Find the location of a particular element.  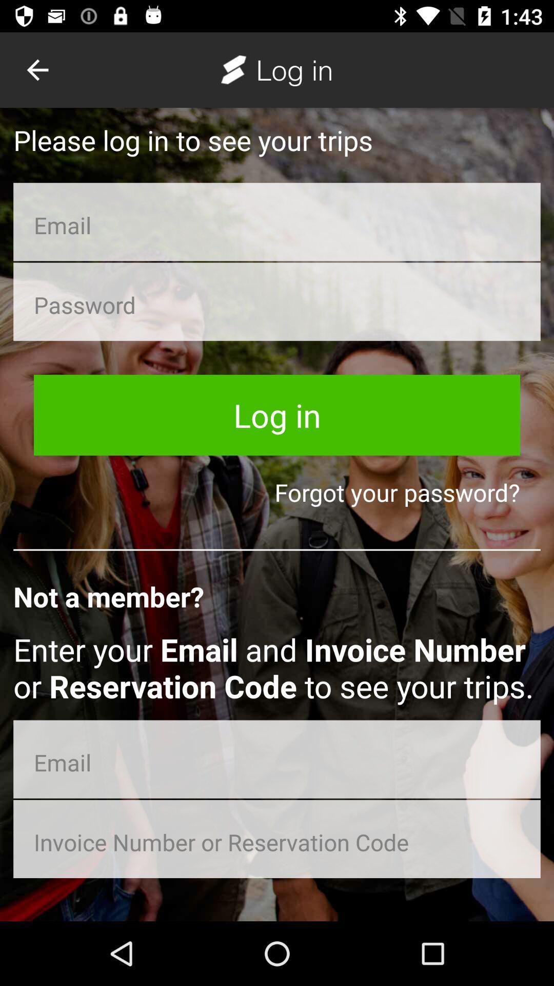

the icon at the top left corner is located at coordinates (37, 69).